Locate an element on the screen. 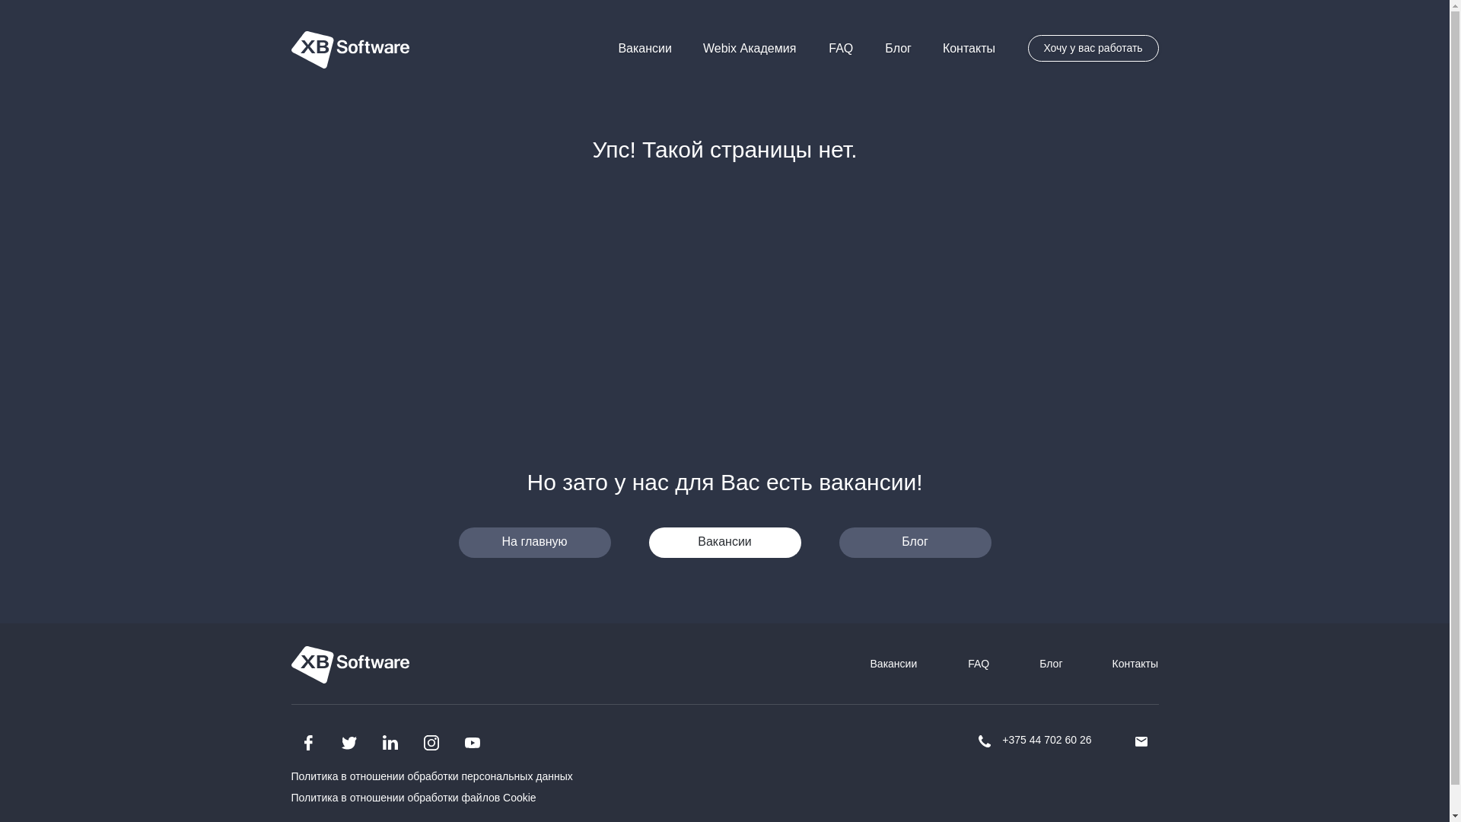 The width and height of the screenshot is (1461, 822). 'FAQ' is located at coordinates (979, 662).